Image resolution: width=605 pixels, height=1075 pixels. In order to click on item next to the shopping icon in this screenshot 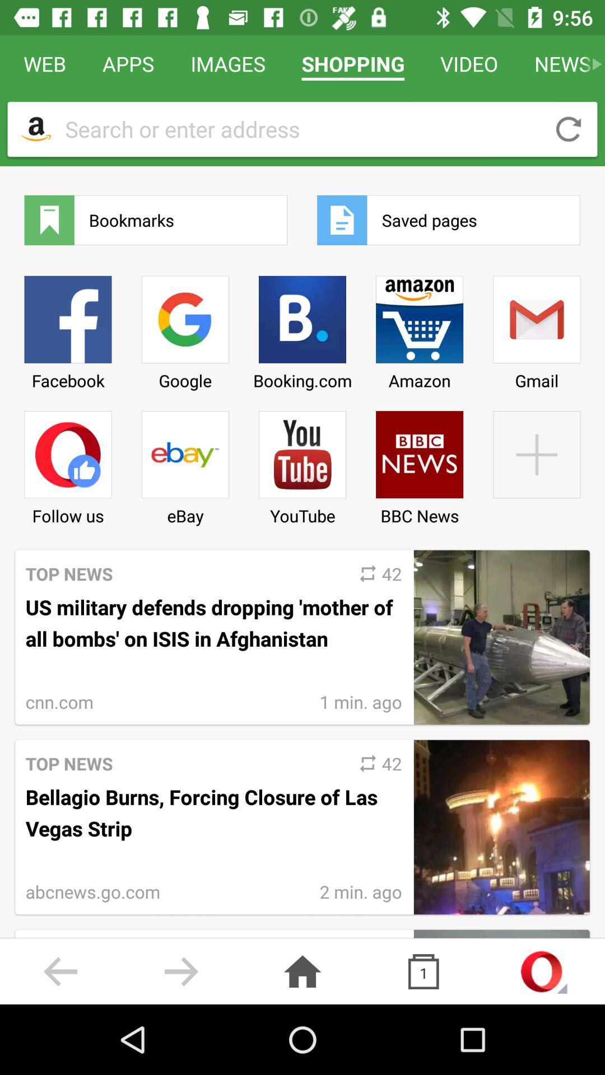, I will do `click(227, 63)`.